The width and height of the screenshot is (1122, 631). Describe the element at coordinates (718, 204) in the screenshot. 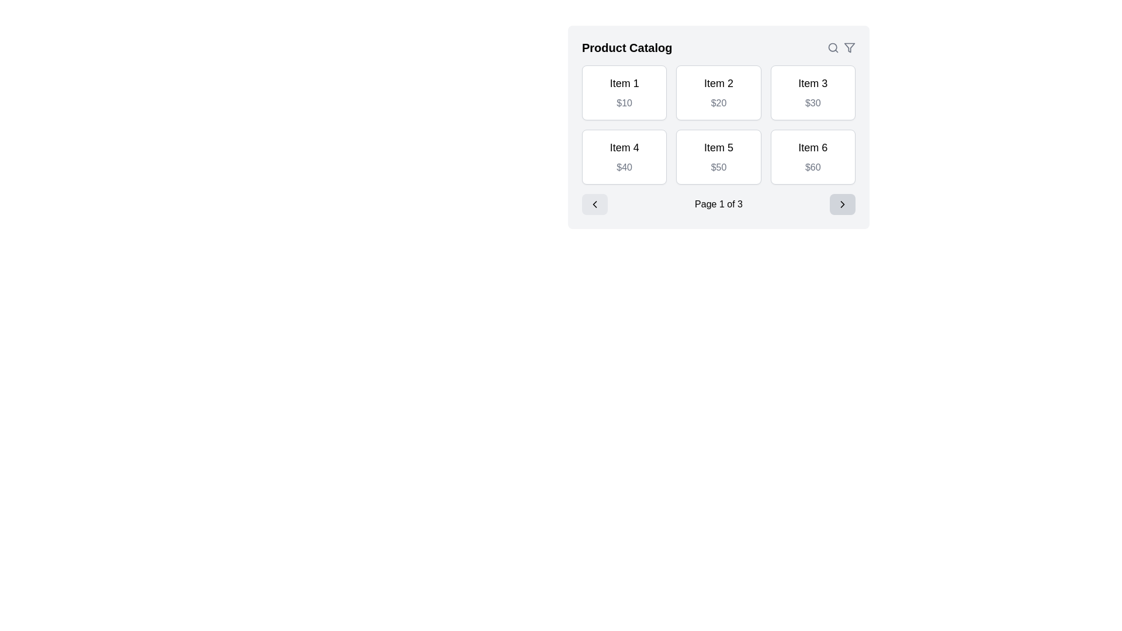

I see `the text label displaying 'Page 1 of 3'` at that location.